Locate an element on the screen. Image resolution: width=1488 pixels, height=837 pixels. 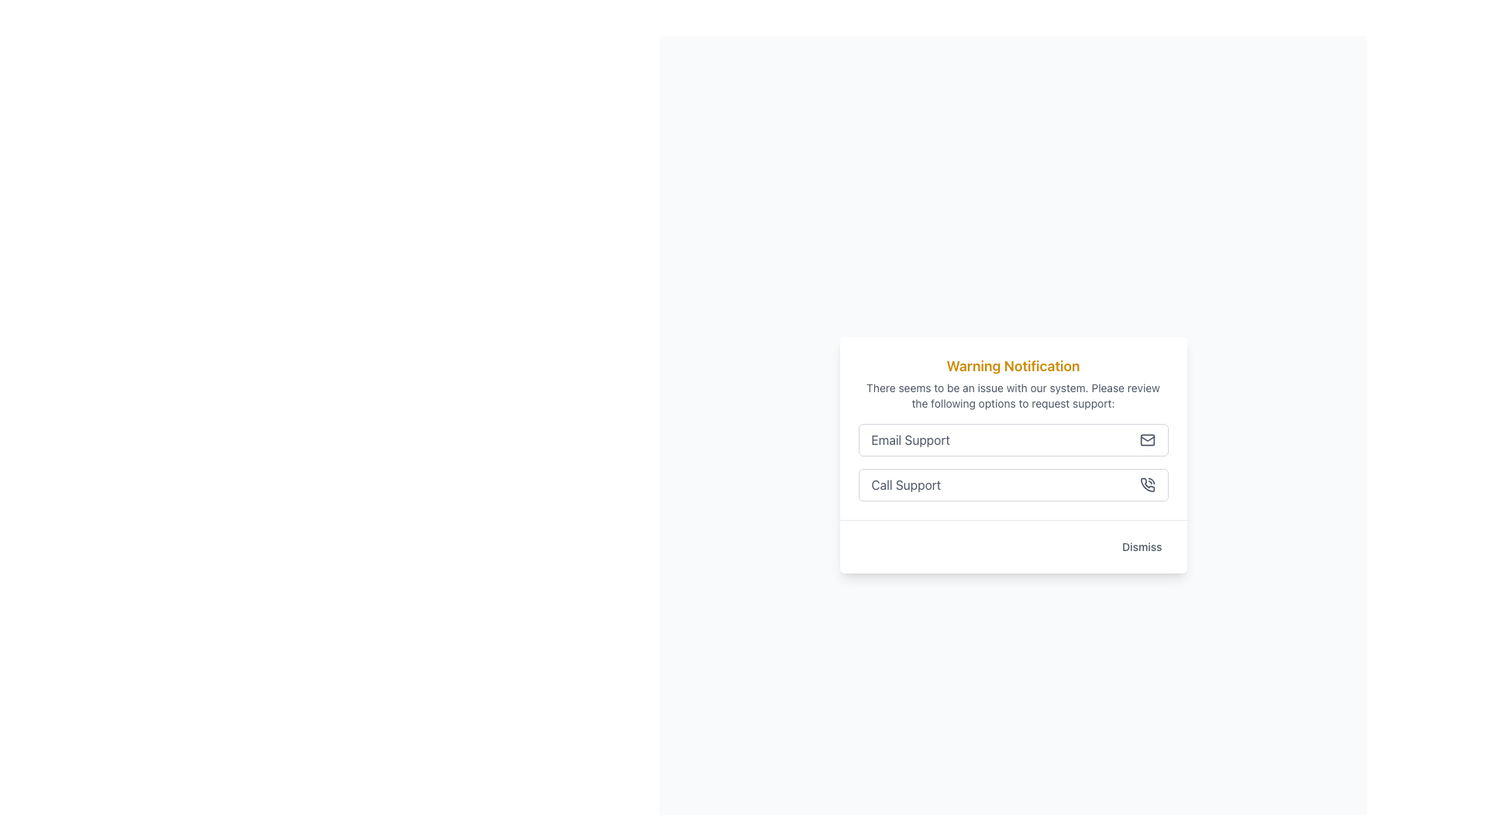
the black envelope icon located to the left of the 'Email Support' text, which has a triangular flap detail at the top is located at coordinates (1147, 438).